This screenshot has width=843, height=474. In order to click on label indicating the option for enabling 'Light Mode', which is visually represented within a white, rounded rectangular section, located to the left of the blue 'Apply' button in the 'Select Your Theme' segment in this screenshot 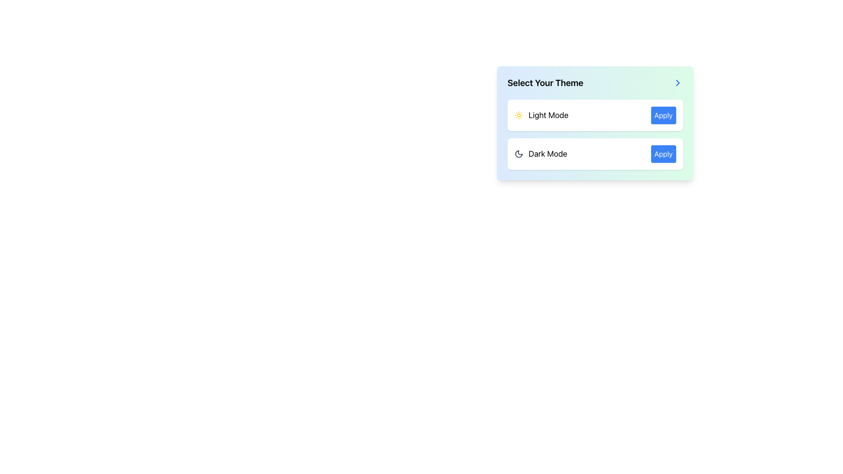, I will do `click(541, 115)`.